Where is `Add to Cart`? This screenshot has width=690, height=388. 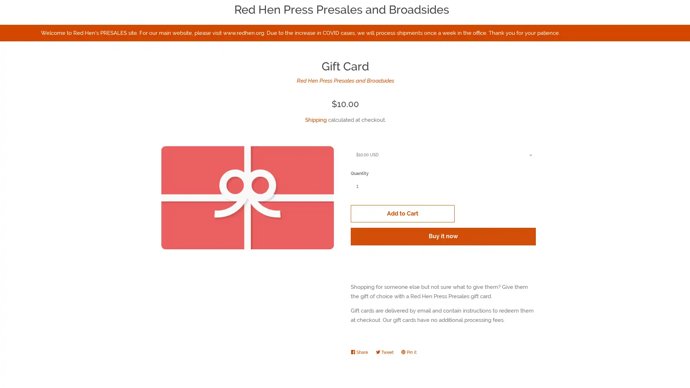 Add to Cart is located at coordinates (488, 188).